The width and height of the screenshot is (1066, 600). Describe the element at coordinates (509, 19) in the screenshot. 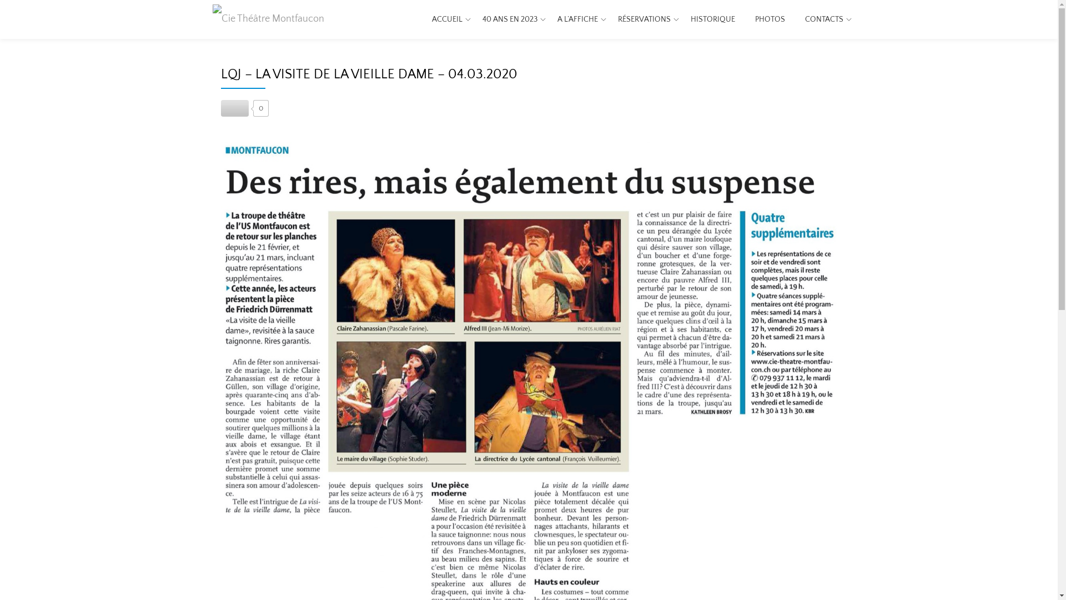

I see `'40 ANS EN 2023'` at that location.